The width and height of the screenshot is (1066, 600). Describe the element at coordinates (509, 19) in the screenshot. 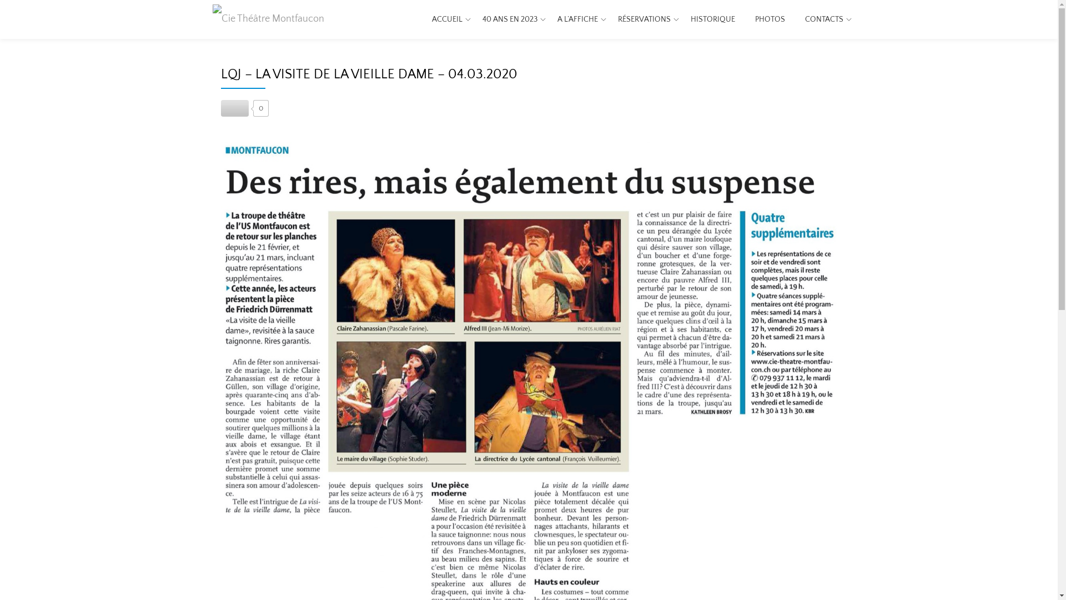

I see `'40 ANS EN 2023'` at that location.